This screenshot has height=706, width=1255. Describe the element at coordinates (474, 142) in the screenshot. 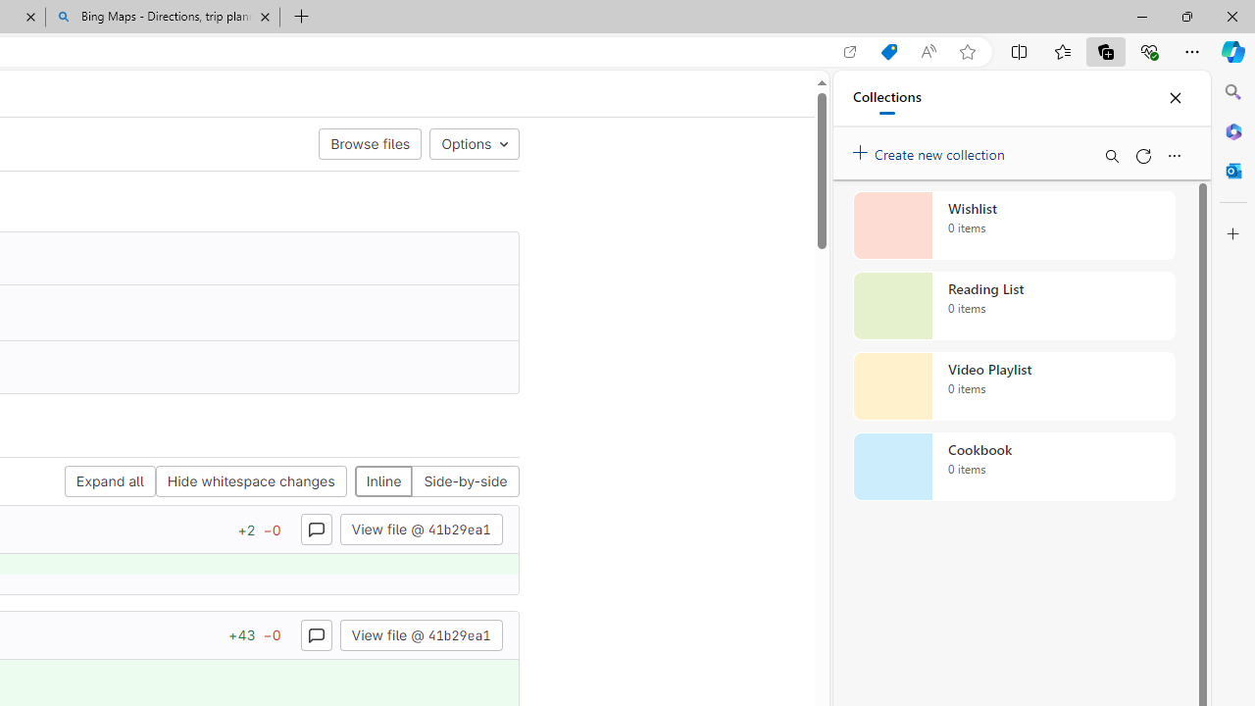

I see `'Options'` at that location.